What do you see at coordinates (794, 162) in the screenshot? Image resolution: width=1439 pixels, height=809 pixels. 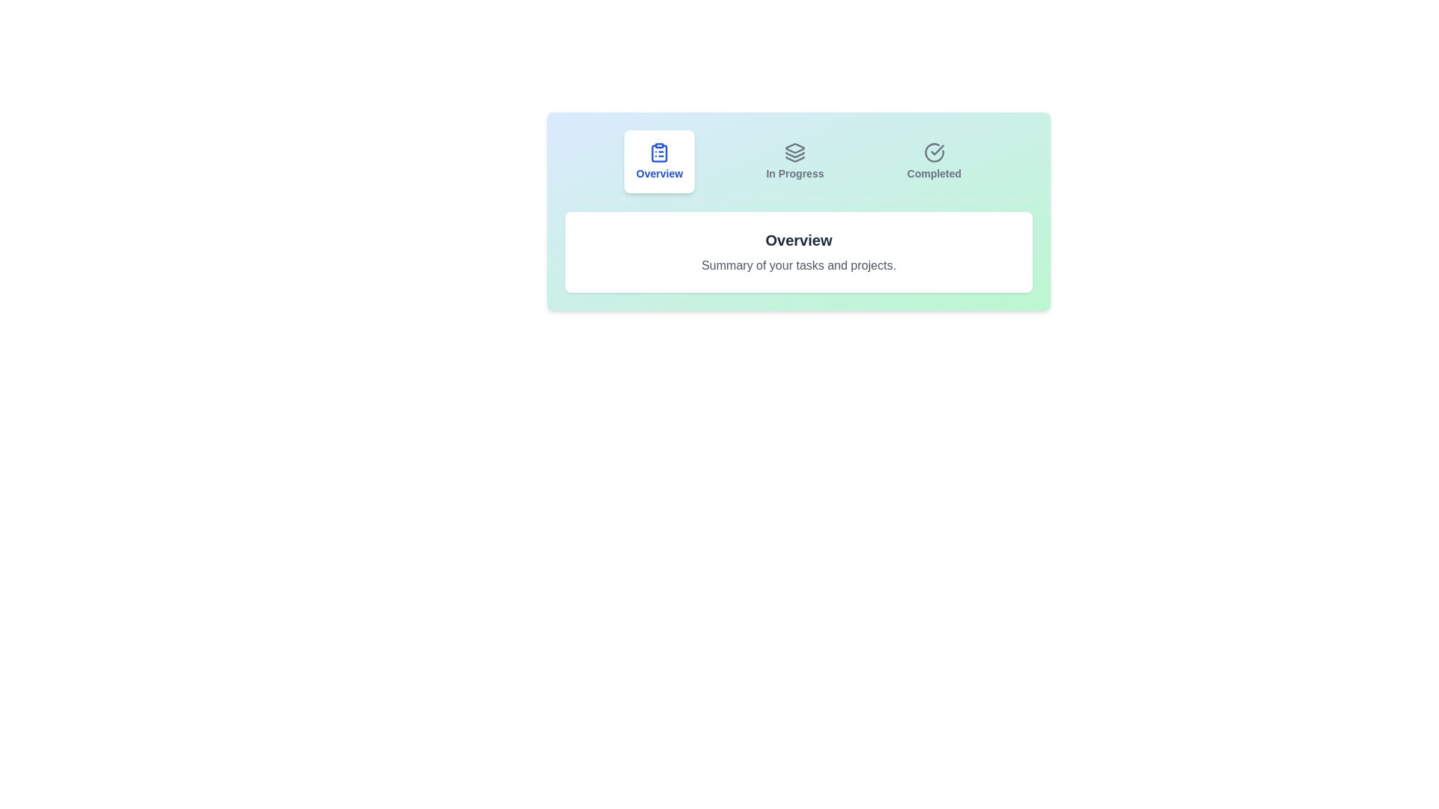 I see `the tab labeled In Progress to observe its hover effect` at bounding box center [794, 162].